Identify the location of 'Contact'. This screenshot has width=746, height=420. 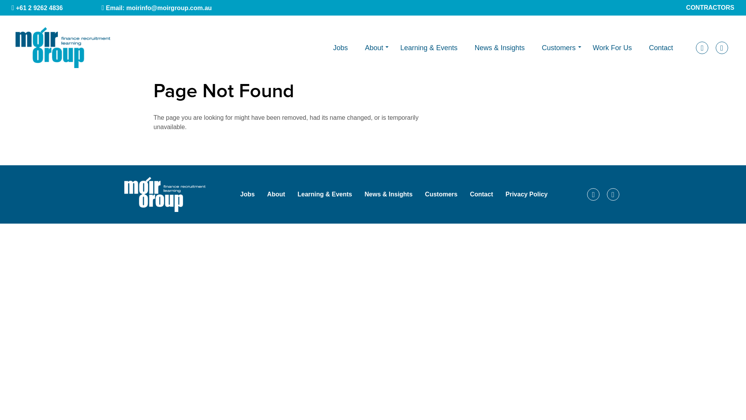
(660, 48).